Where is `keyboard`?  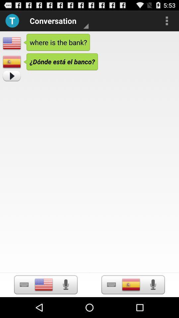 keyboard is located at coordinates (24, 284).